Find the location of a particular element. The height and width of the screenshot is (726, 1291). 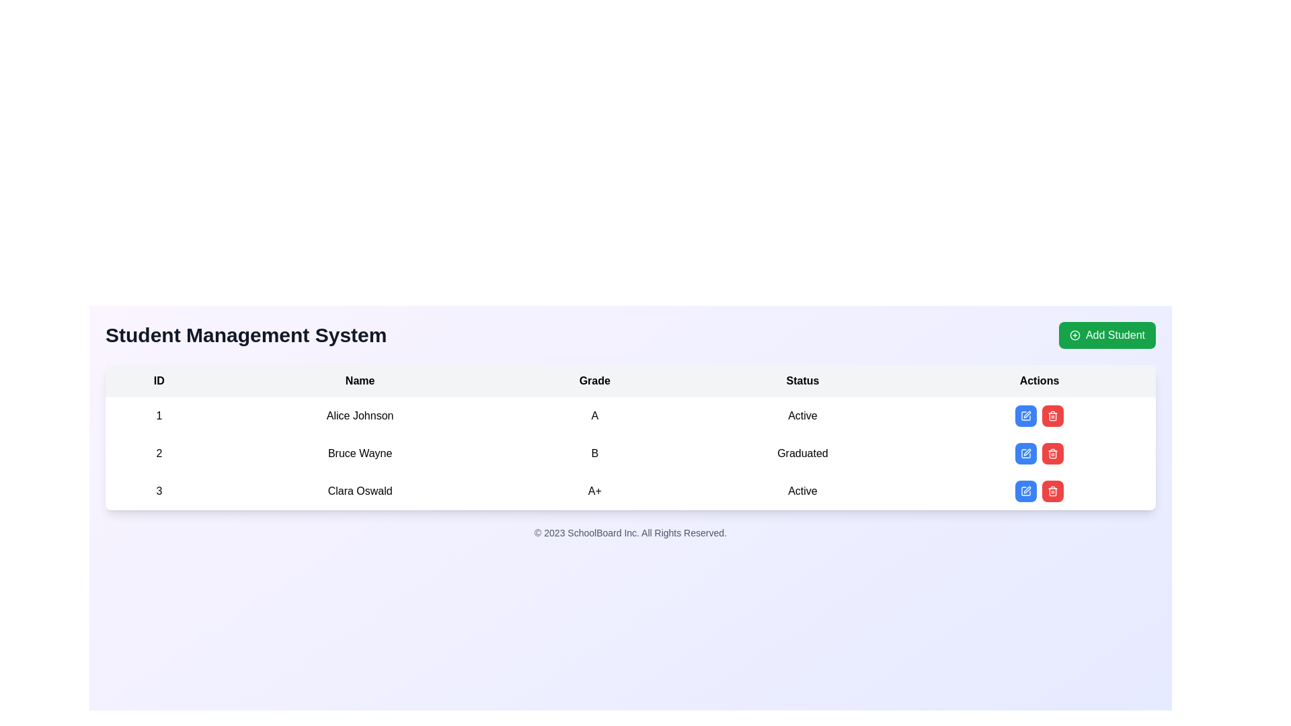

the text label displaying 'ID' in bold black text on a light gray background, which is located at the top-left corner of the table and serves as the header for the first column is located at coordinates (159, 381).